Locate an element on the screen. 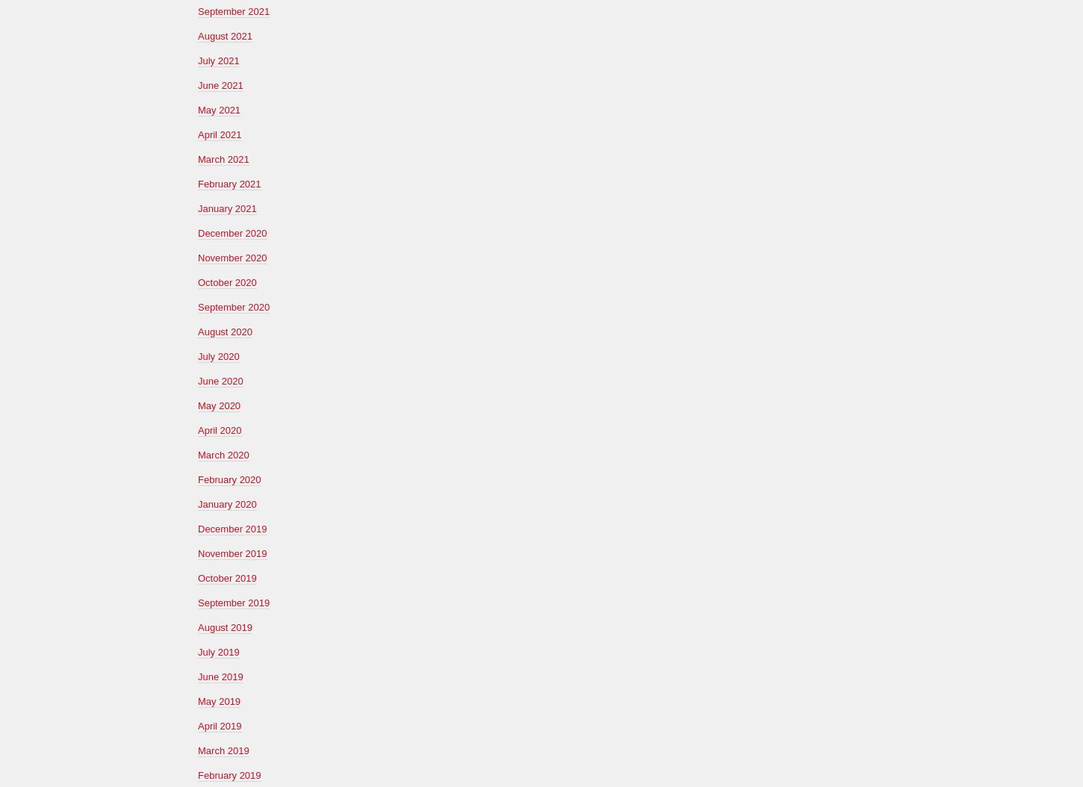  'November 2020' is located at coordinates (198, 257).